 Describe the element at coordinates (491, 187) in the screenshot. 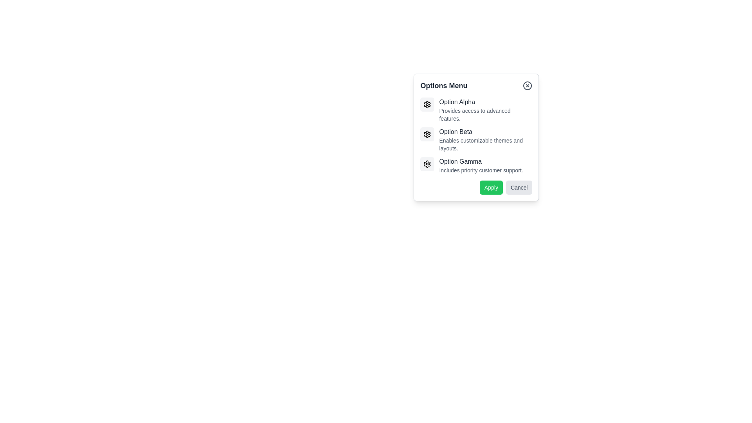

I see `the 'Apply' button with a green background and white text located in the bottom right corner of the 'Options Menu' modal dialog to apply the changes` at that location.